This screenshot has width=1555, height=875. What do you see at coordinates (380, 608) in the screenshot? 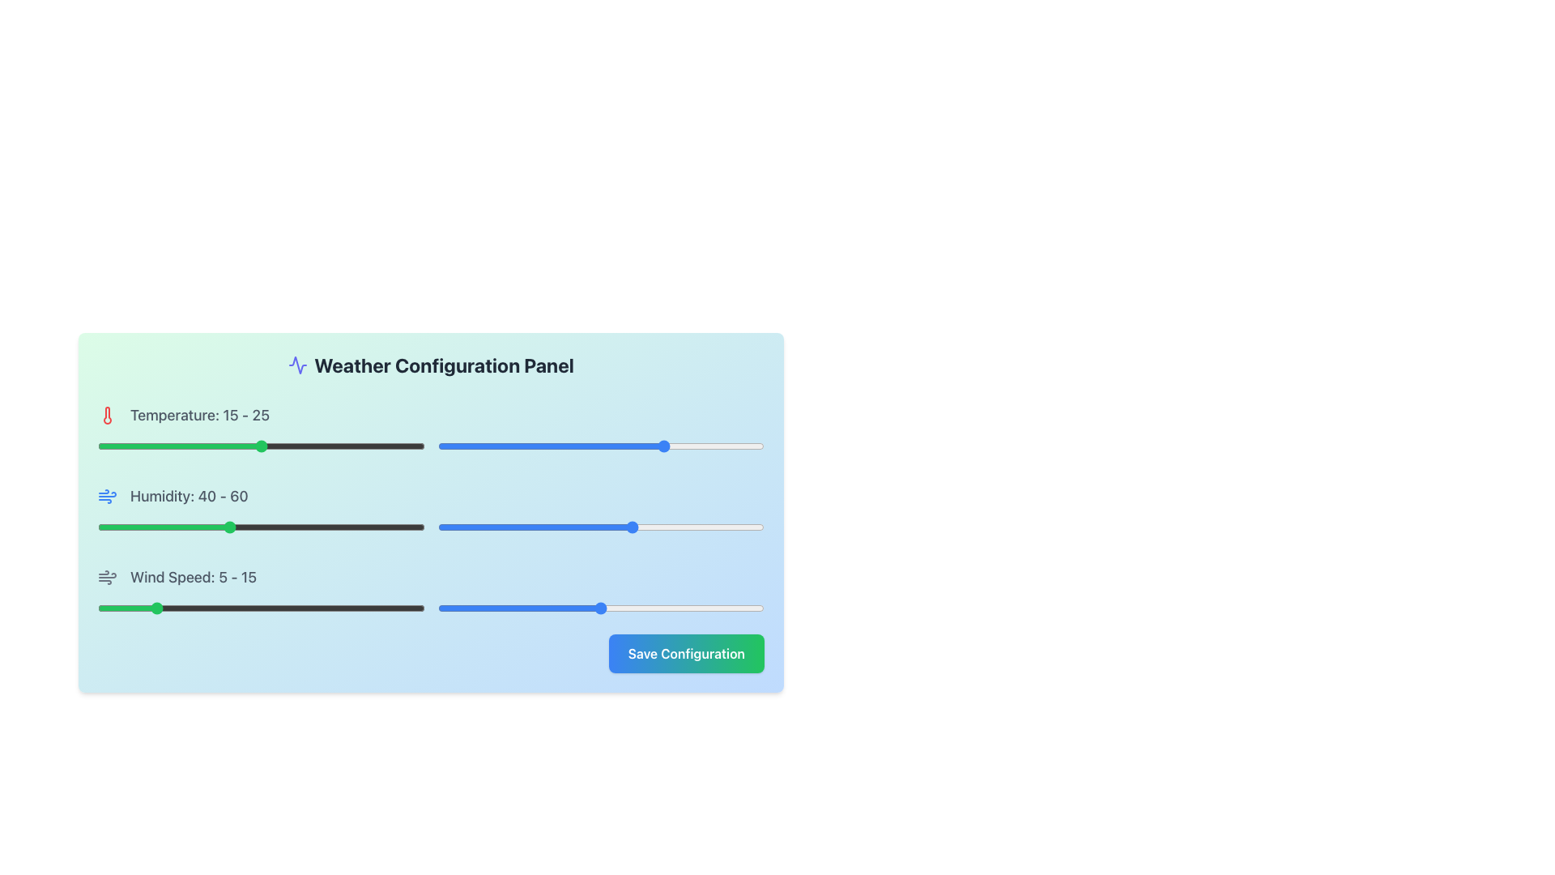
I see `the start value of the wind speed range` at bounding box center [380, 608].